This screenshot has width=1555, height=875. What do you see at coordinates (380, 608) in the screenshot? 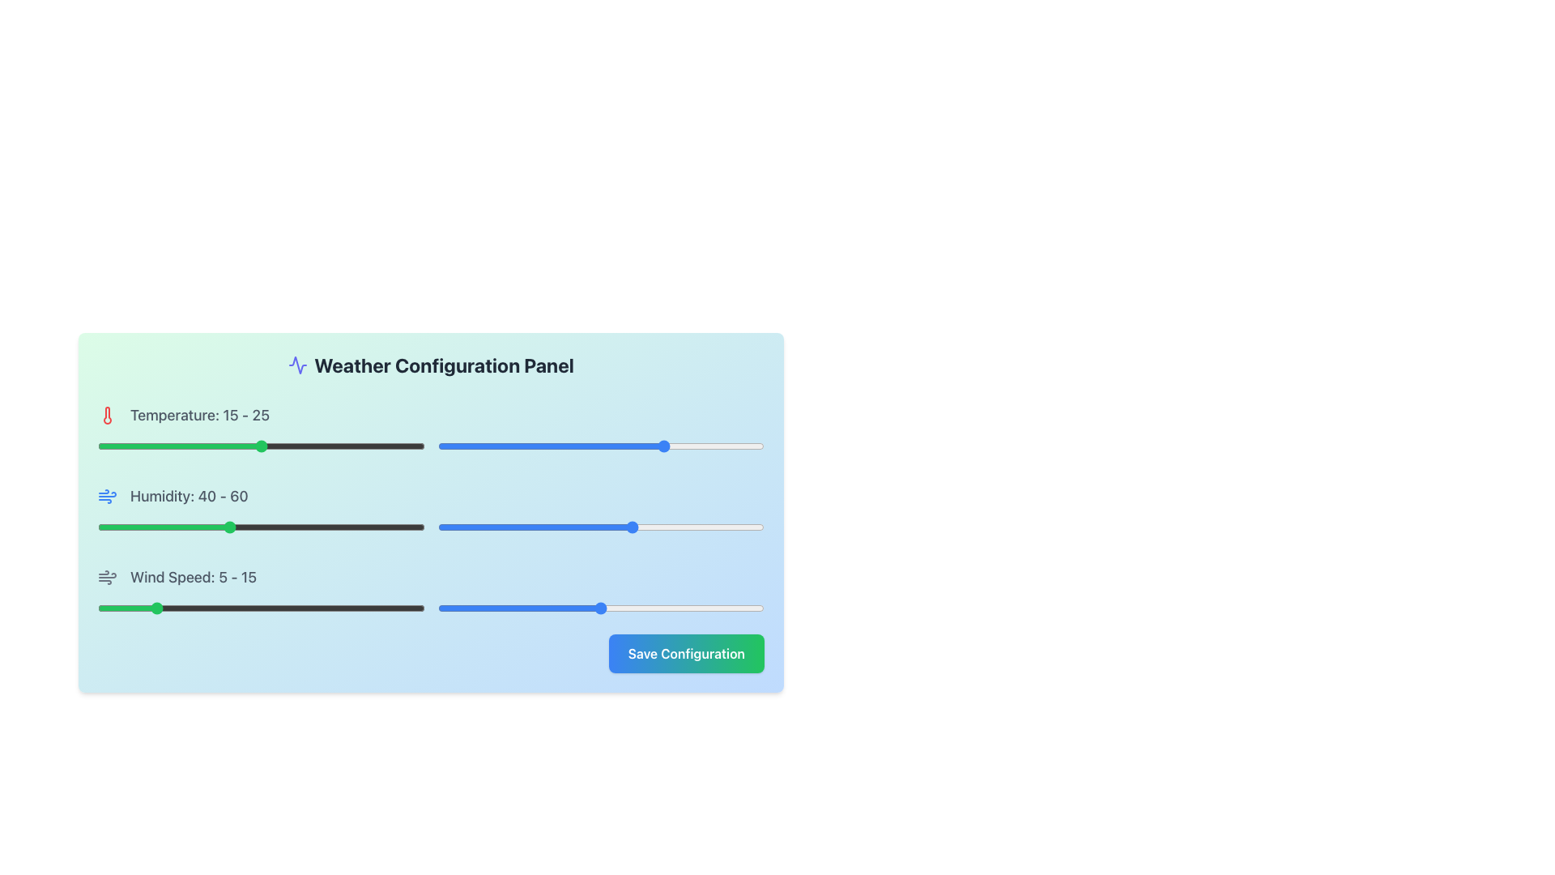
I see `the start value of the wind speed range` at bounding box center [380, 608].